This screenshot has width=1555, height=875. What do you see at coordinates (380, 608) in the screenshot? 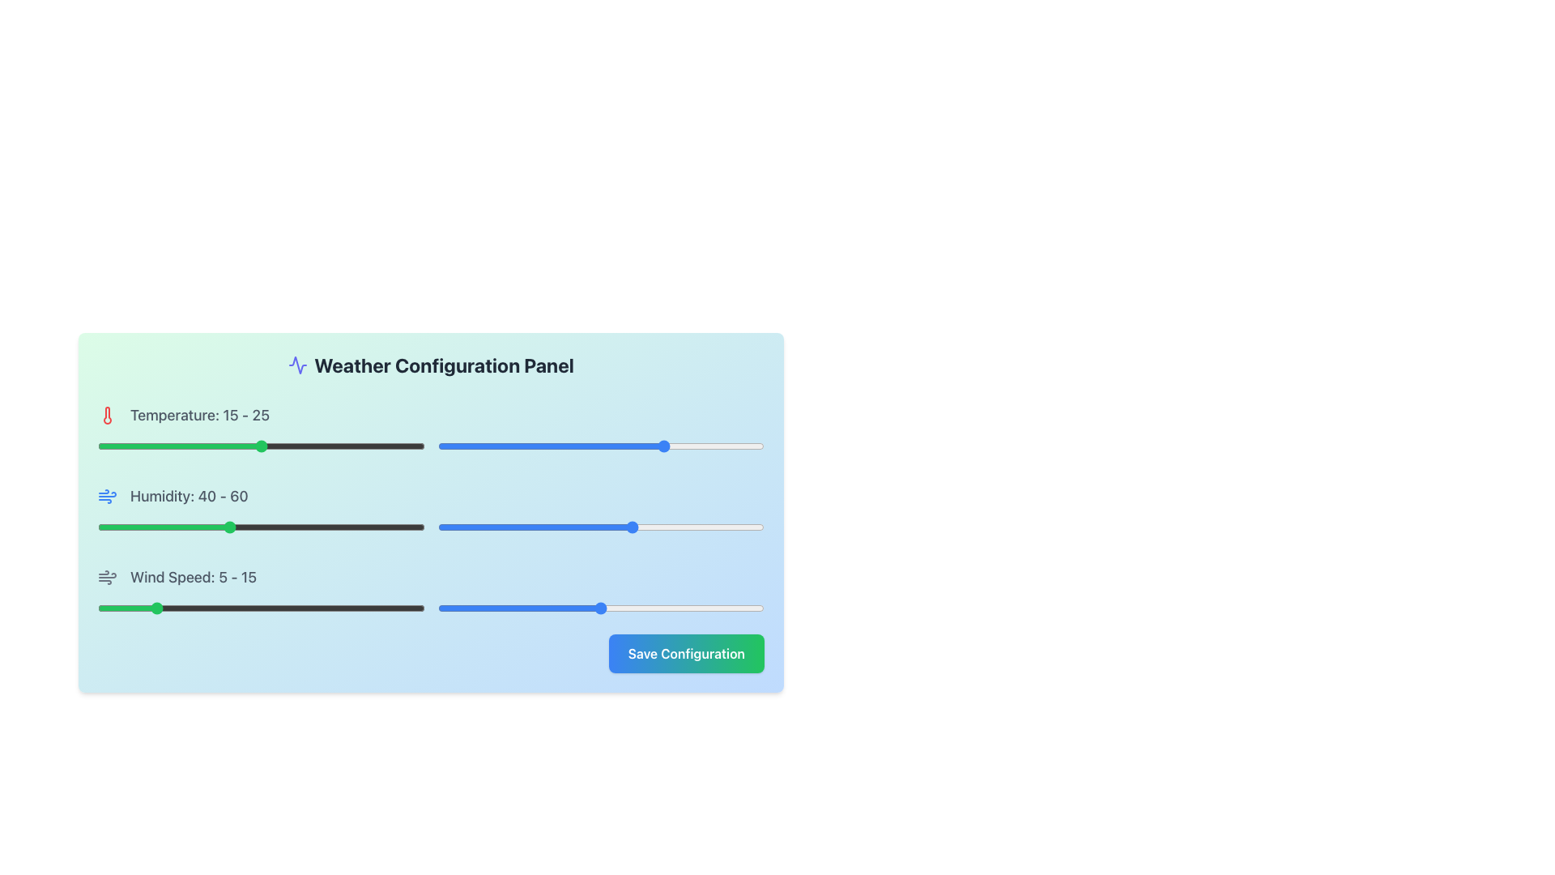
I see `the start value of the wind speed range` at bounding box center [380, 608].